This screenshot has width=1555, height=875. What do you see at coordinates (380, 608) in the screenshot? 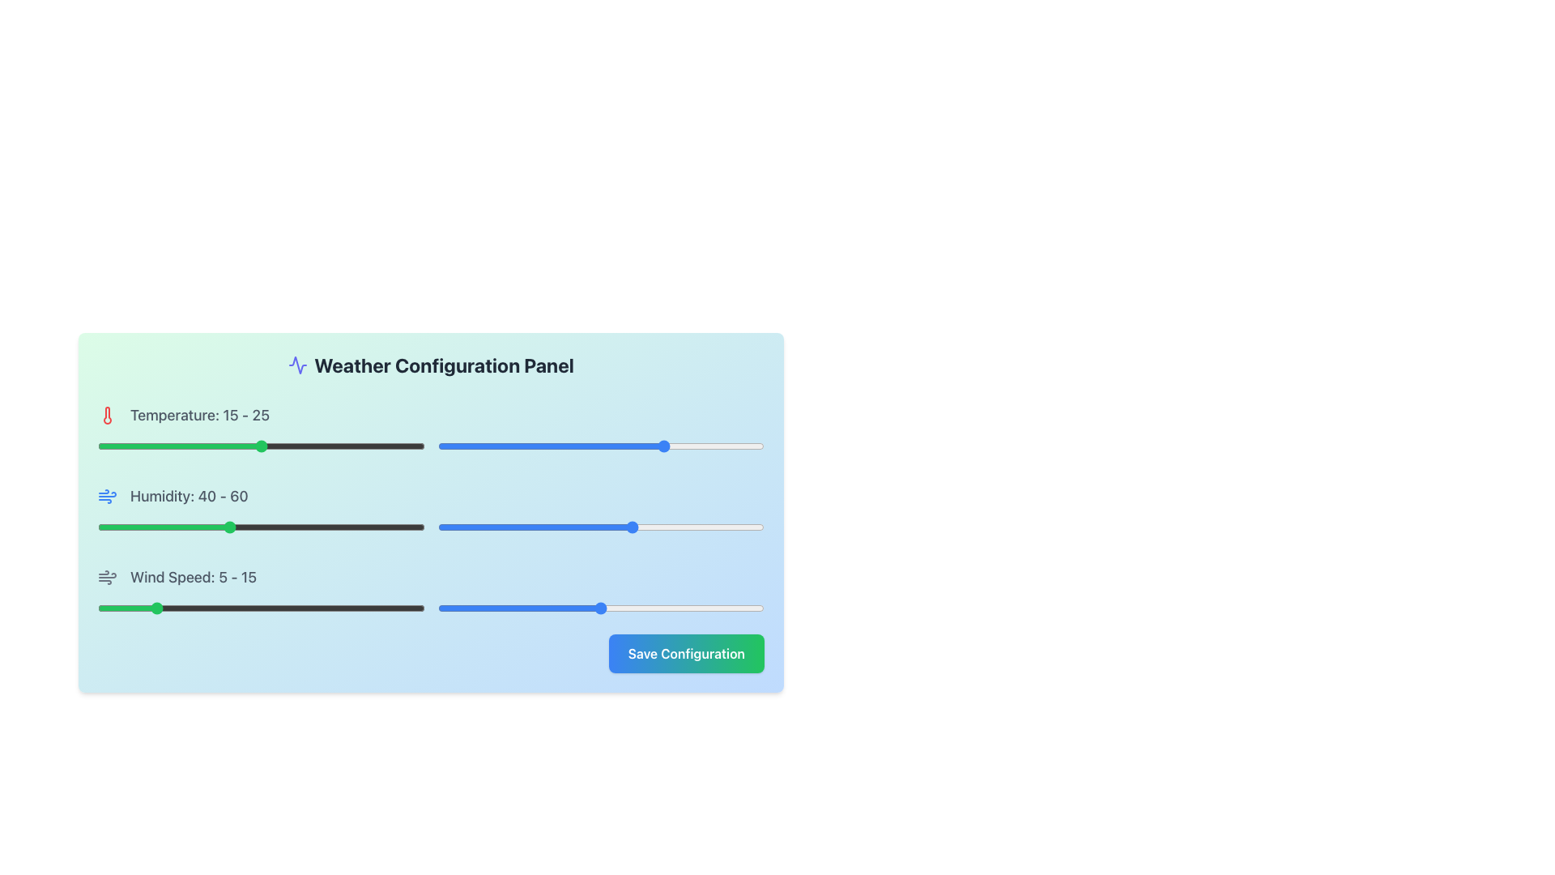
I see `the start value of the wind speed range` at bounding box center [380, 608].